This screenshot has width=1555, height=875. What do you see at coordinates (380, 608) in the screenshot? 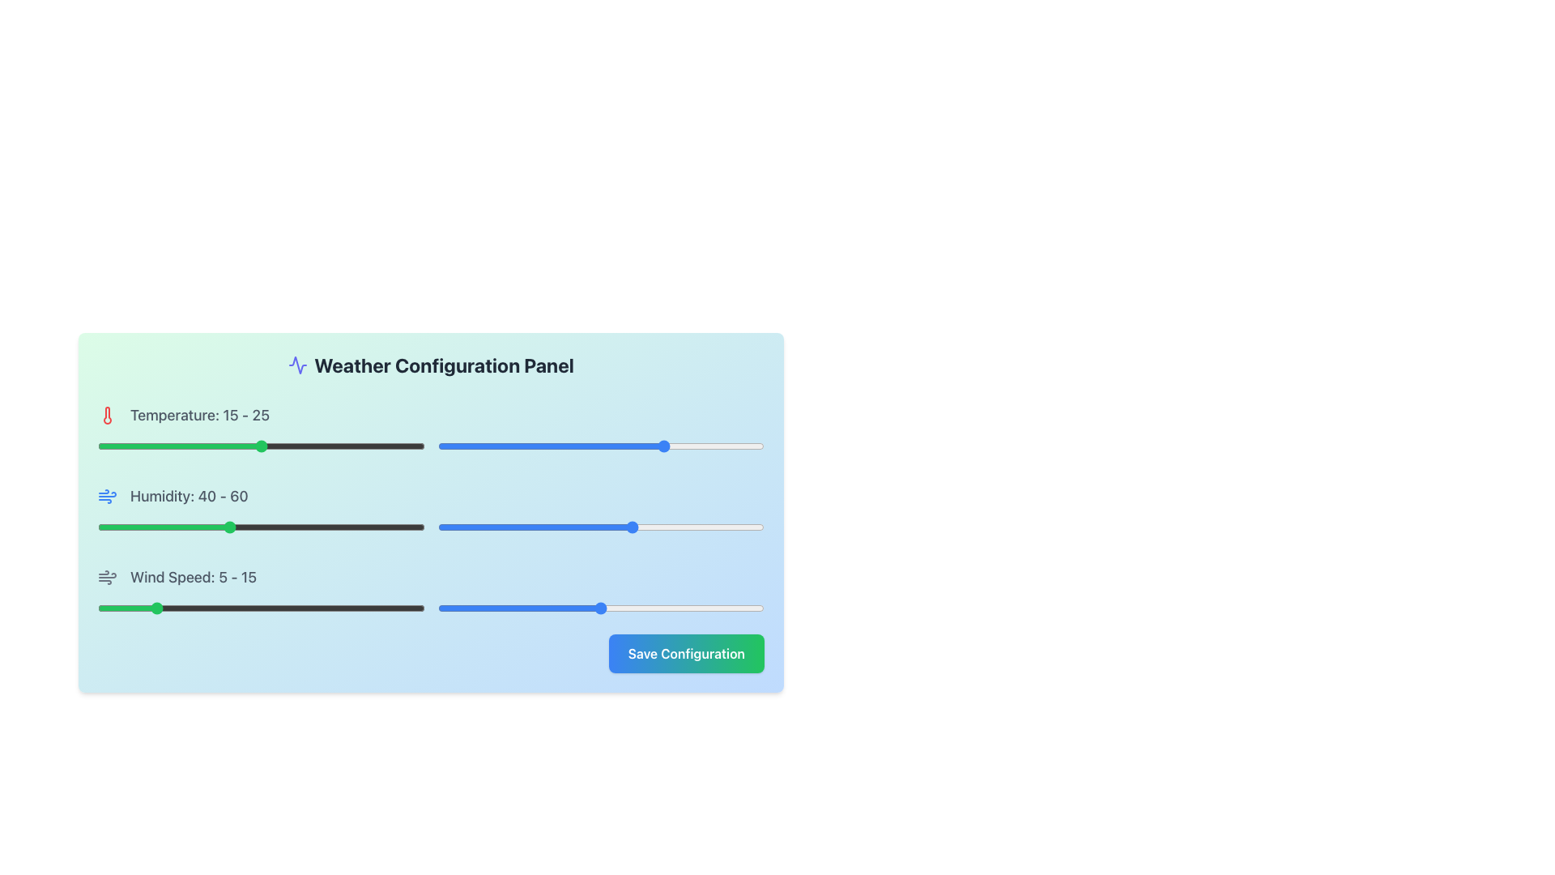
I see `the start value of the wind speed range` at bounding box center [380, 608].